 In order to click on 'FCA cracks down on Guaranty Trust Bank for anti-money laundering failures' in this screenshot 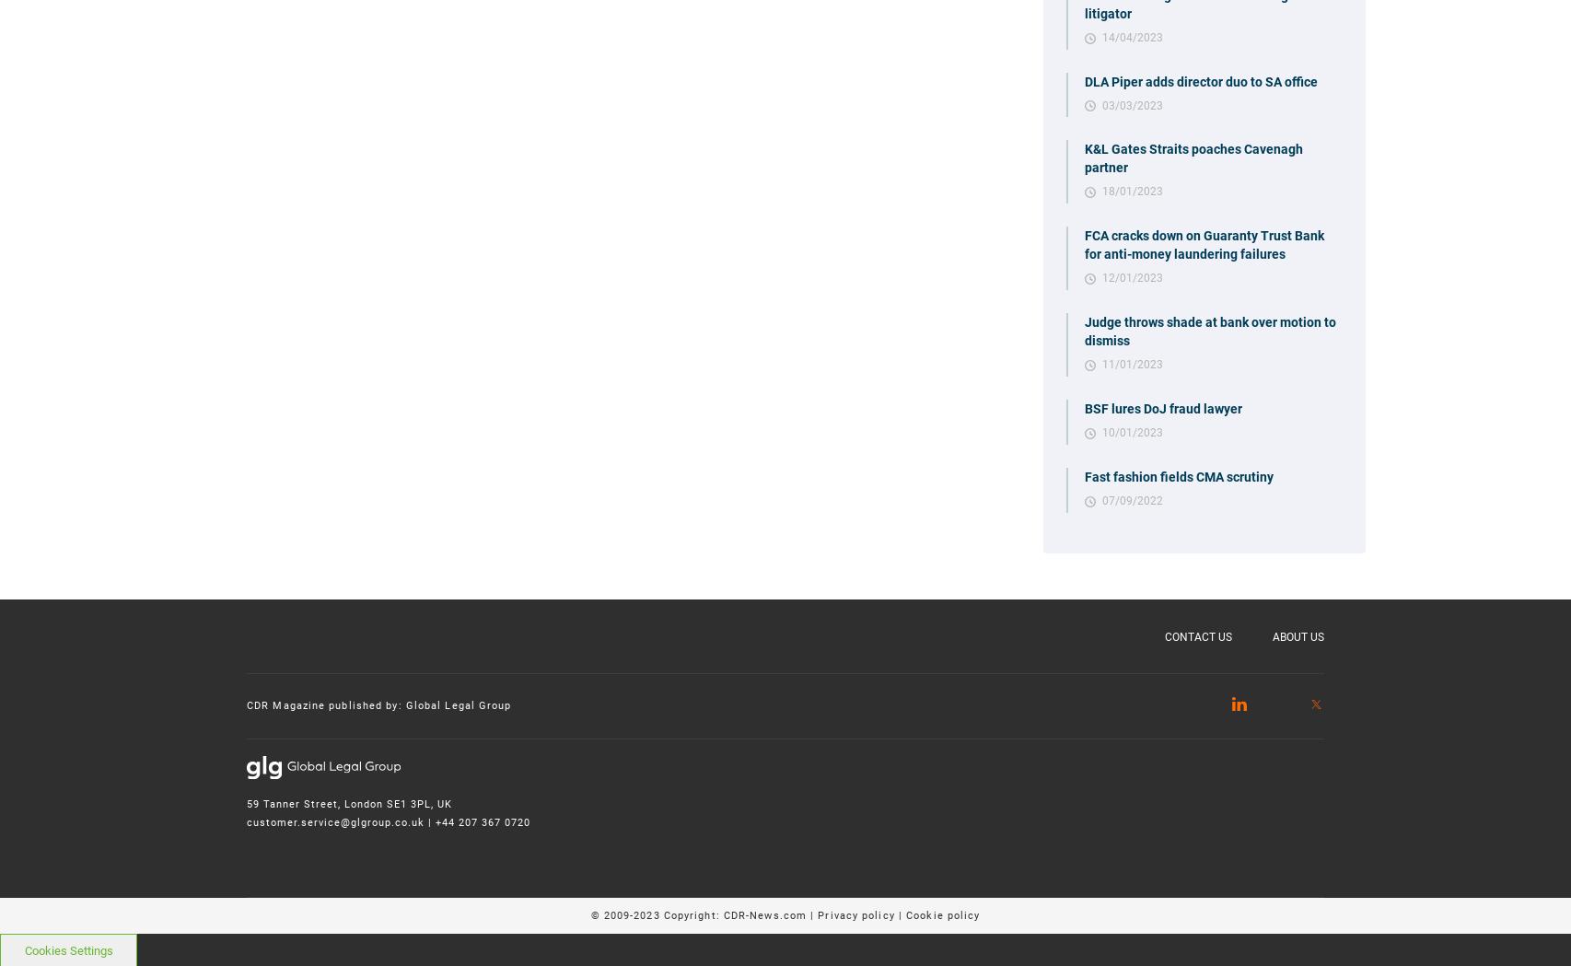, I will do `click(1084, 244)`.